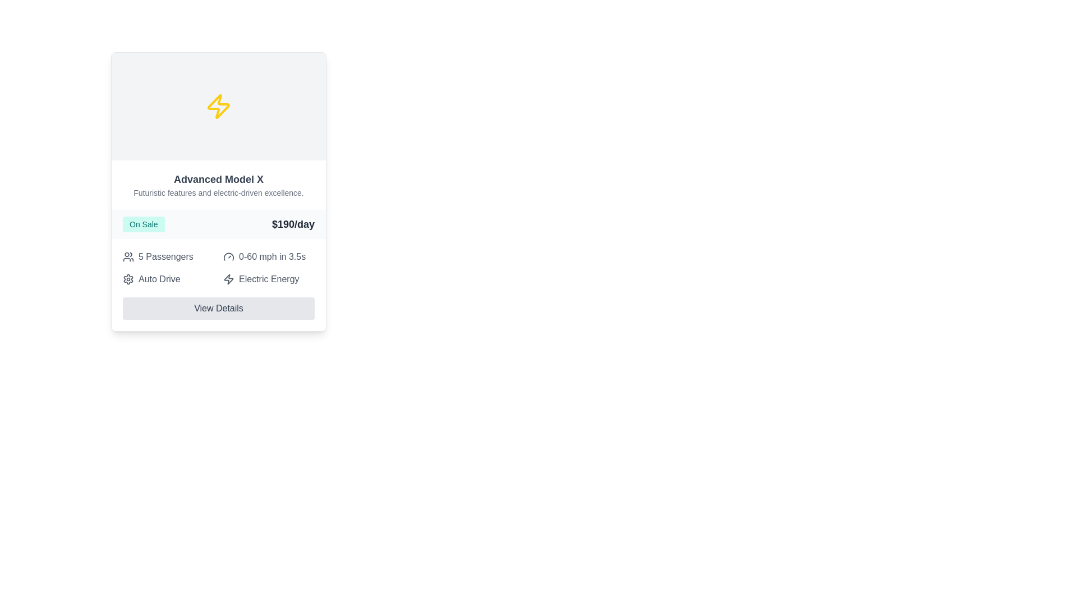 The image size is (1077, 606). What do you see at coordinates (218, 224) in the screenshot?
I see `the Static informational widget that displays the 'On Sale' badge in teal and white, along with the price '$190/day' in dark gray, located centrally towards the bottom of the information card` at bounding box center [218, 224].